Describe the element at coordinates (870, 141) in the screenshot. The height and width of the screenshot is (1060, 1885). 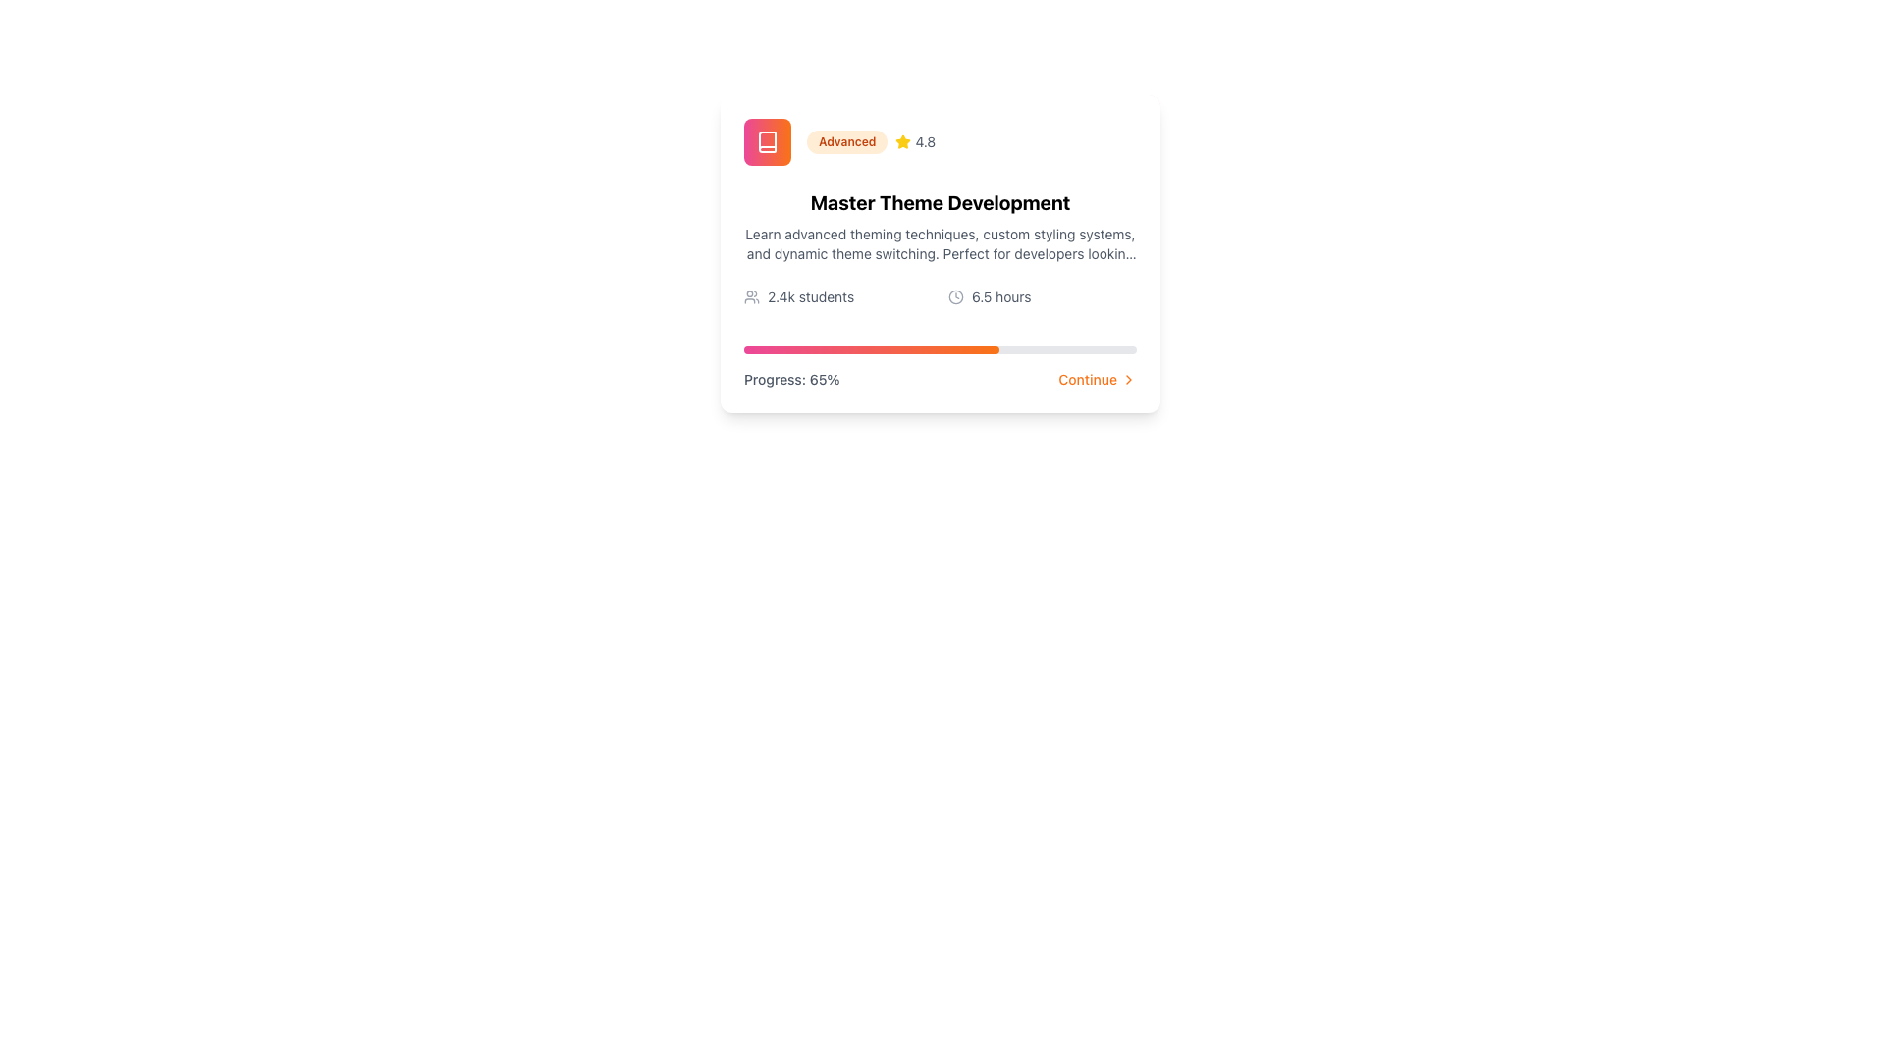
I see `the Badge displaying 'Advanced' and rating '4.8'` at that location.